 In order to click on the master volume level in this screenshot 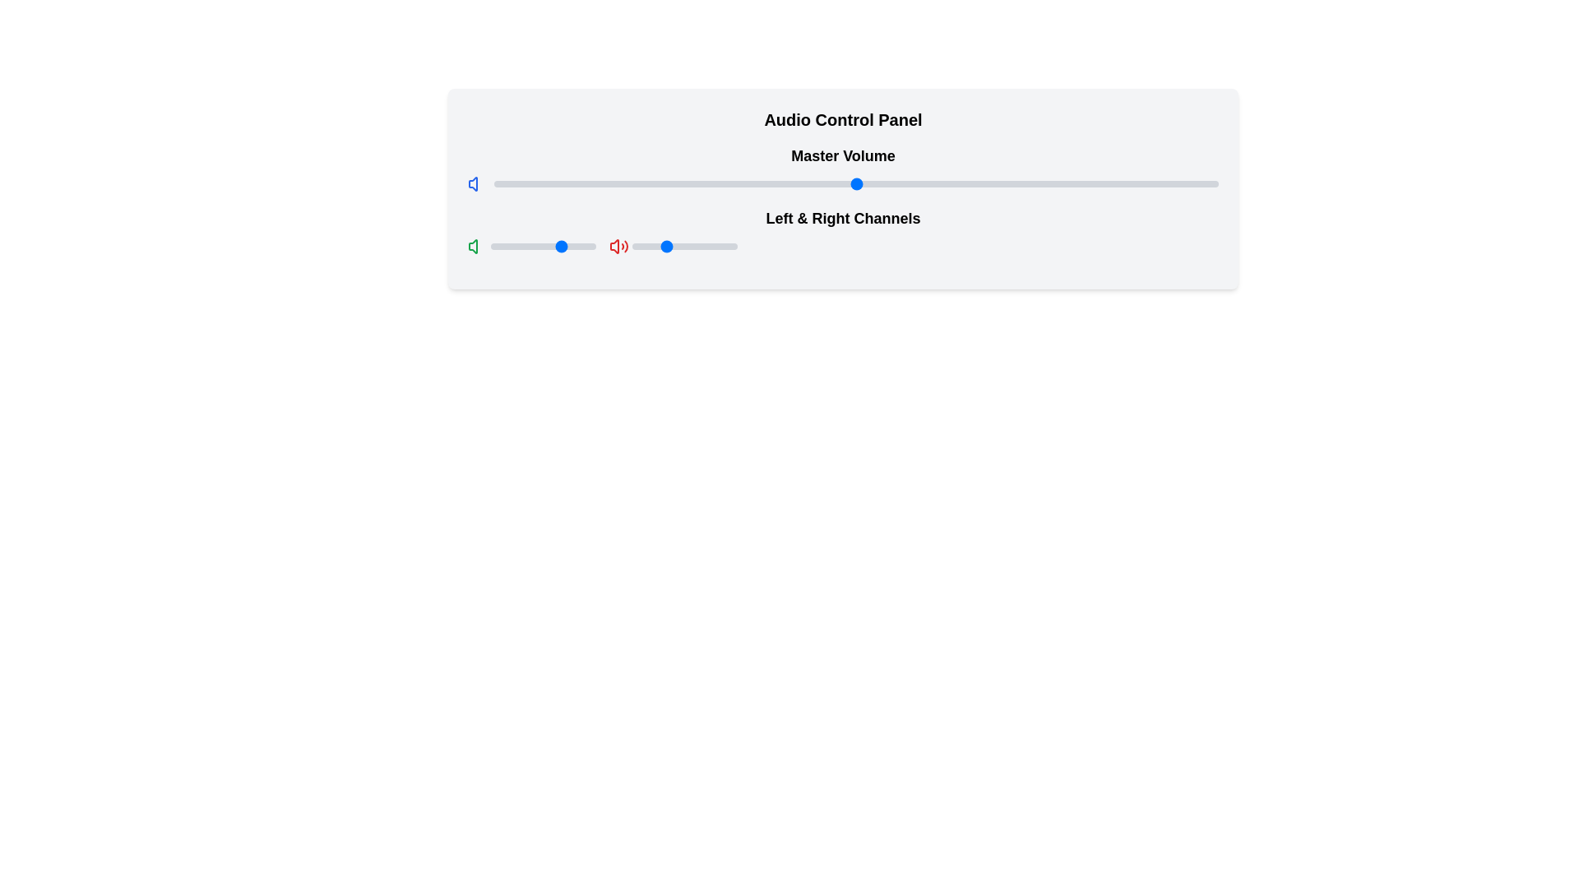, I will do `click(754, 183)`.